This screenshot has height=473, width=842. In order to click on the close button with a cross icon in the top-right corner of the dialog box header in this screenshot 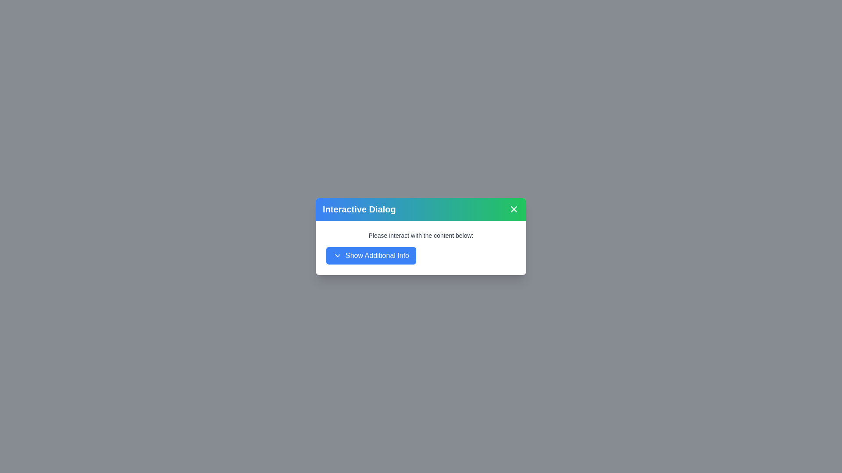, I will do `click(514, 209)`.